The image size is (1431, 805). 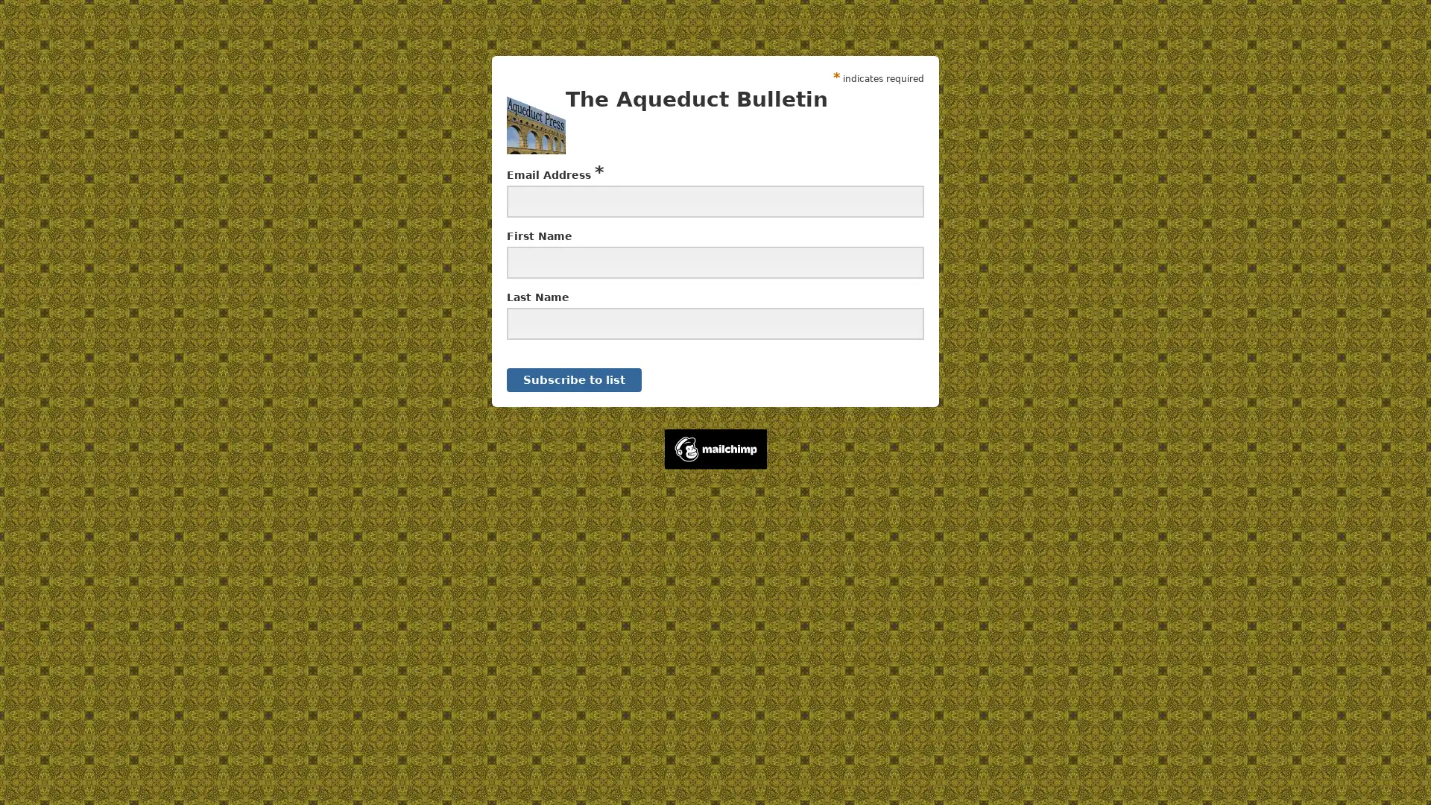 What do you see at coordinates (573, 379) in the screenshot?
I see `Subscribe to list` at bounding box center [573, 379].